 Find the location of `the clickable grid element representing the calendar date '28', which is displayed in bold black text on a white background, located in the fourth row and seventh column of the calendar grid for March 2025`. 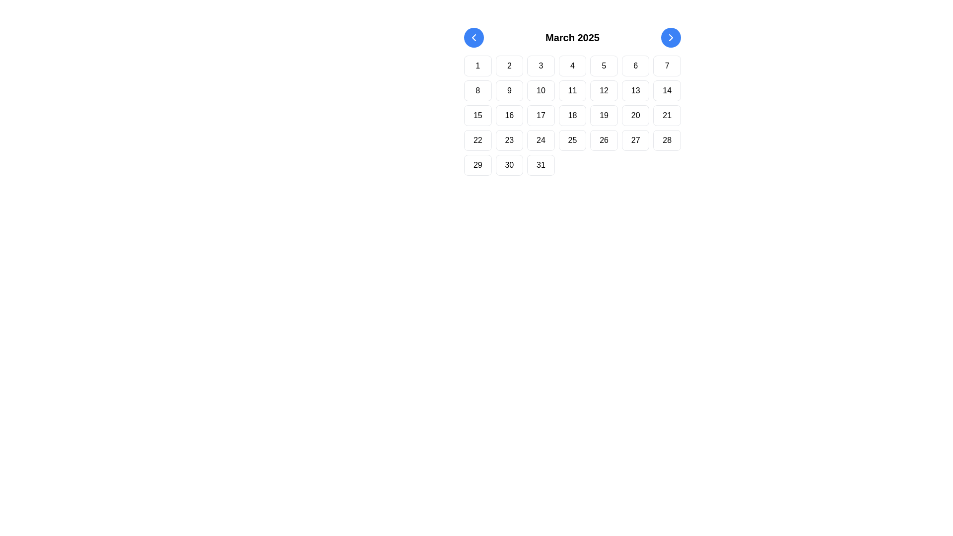

the clickable grid element representing the calendar date '28', which is displayed in bold black text on a white background, located in the fourth row and seventh column of the calendar grid for March 2025 is located at coordinates (667, 140).